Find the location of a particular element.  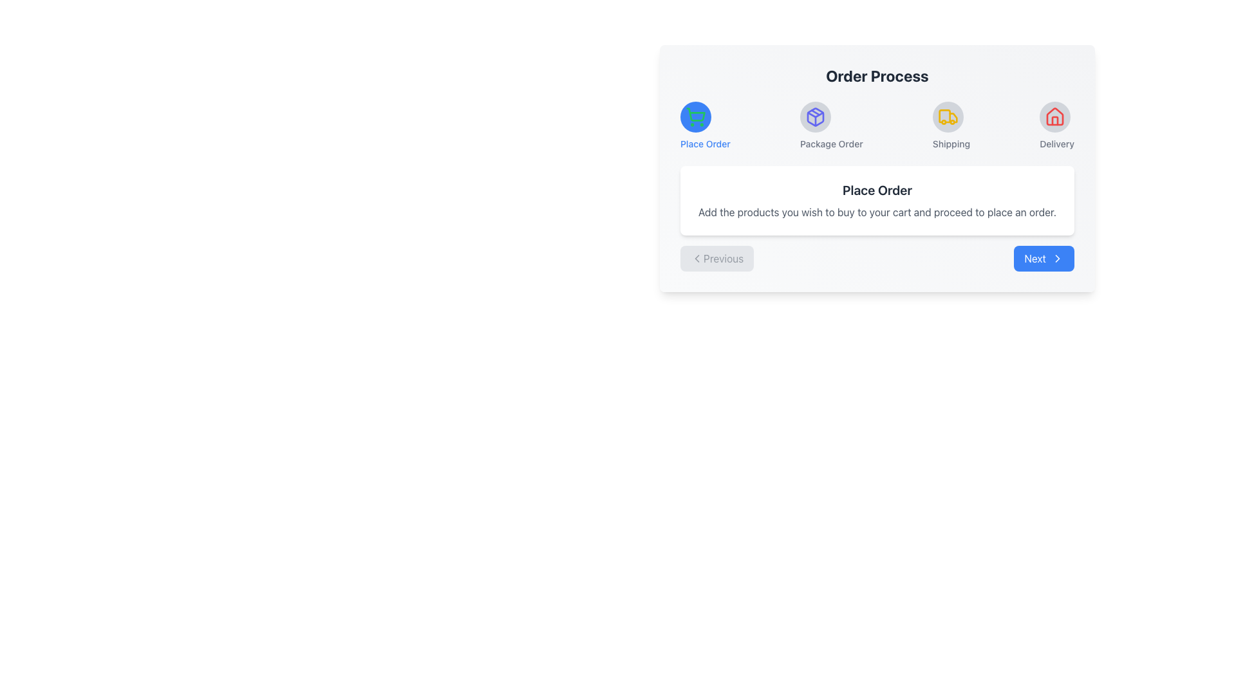

the 'Delivery' label with a red house icon in a gray circular background, positioned to the far right in the horizontal group of steps, if interactive behavior is enabled is located at coordinates (1057, 126).